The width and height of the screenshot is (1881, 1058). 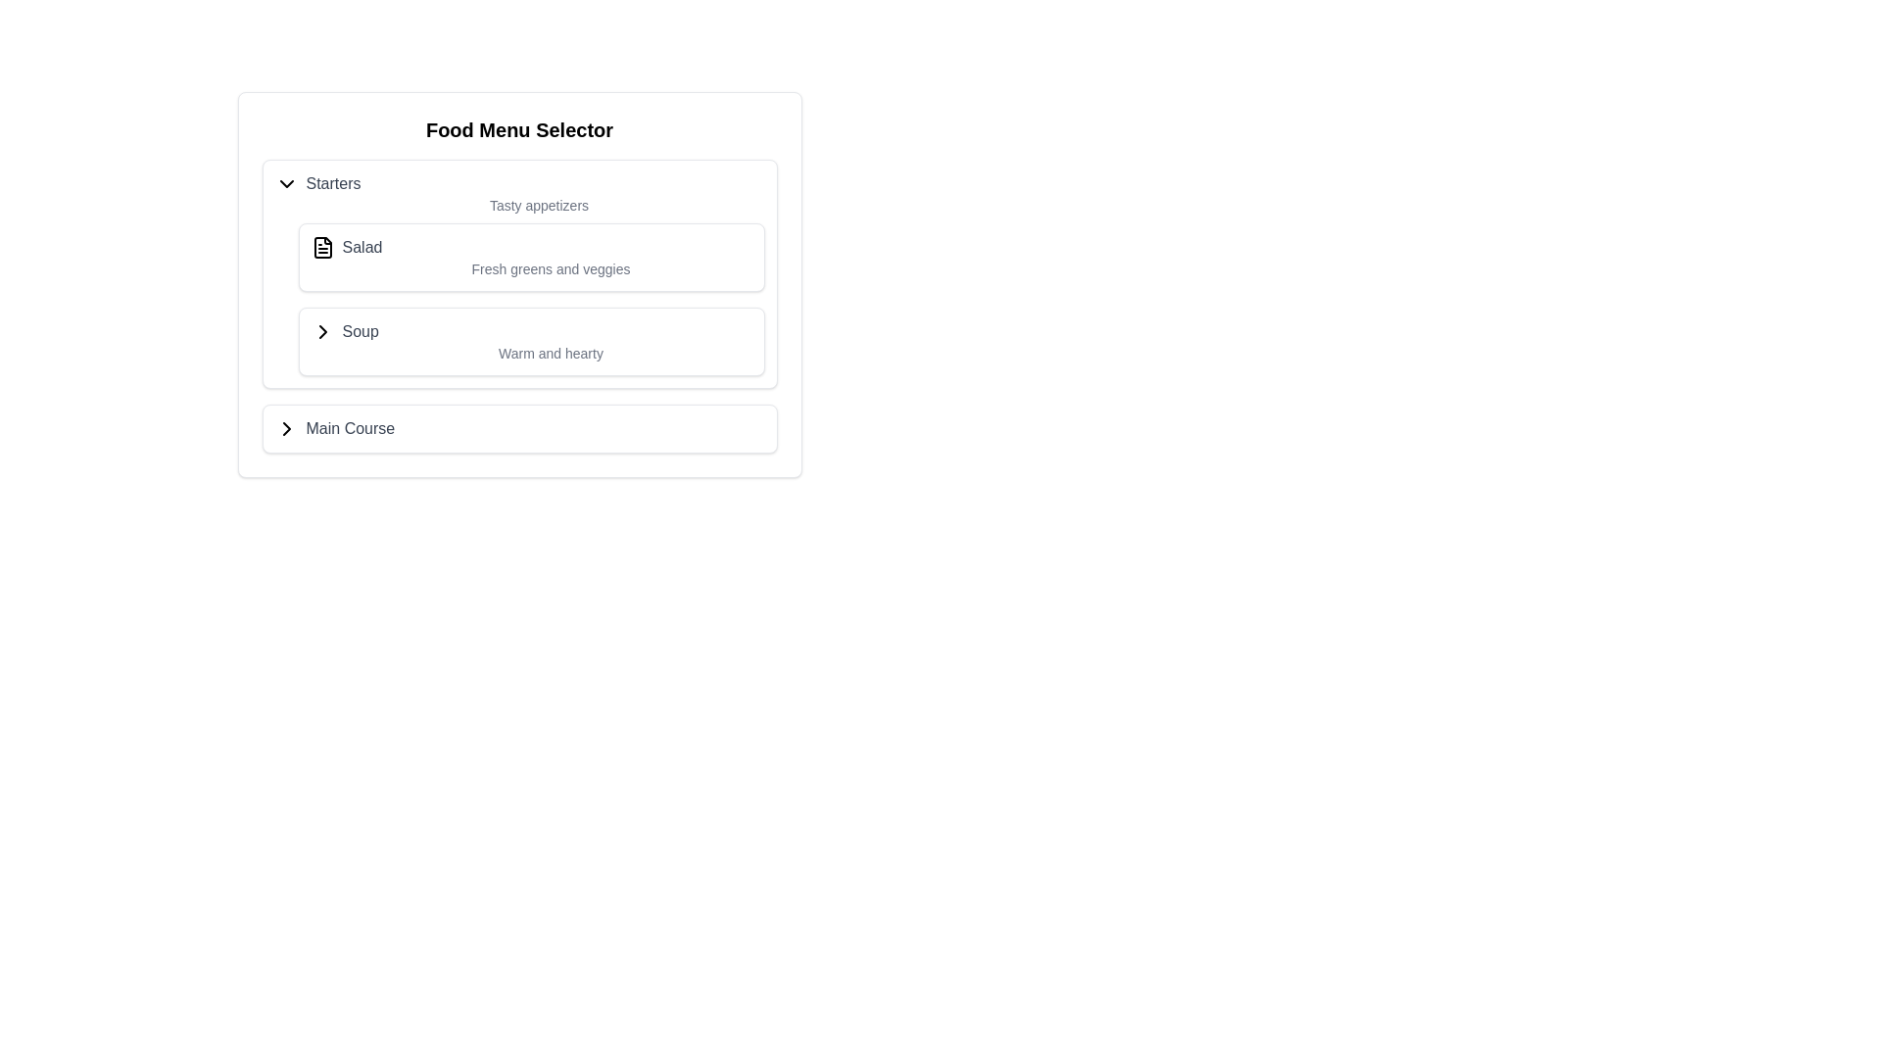 What do you see at coordinates (519, 428) in the screenshot?
I see `the 'Main Course' selectable menu category item located under the 'Food Menu Selector' section` at bounding box center [519, 428].